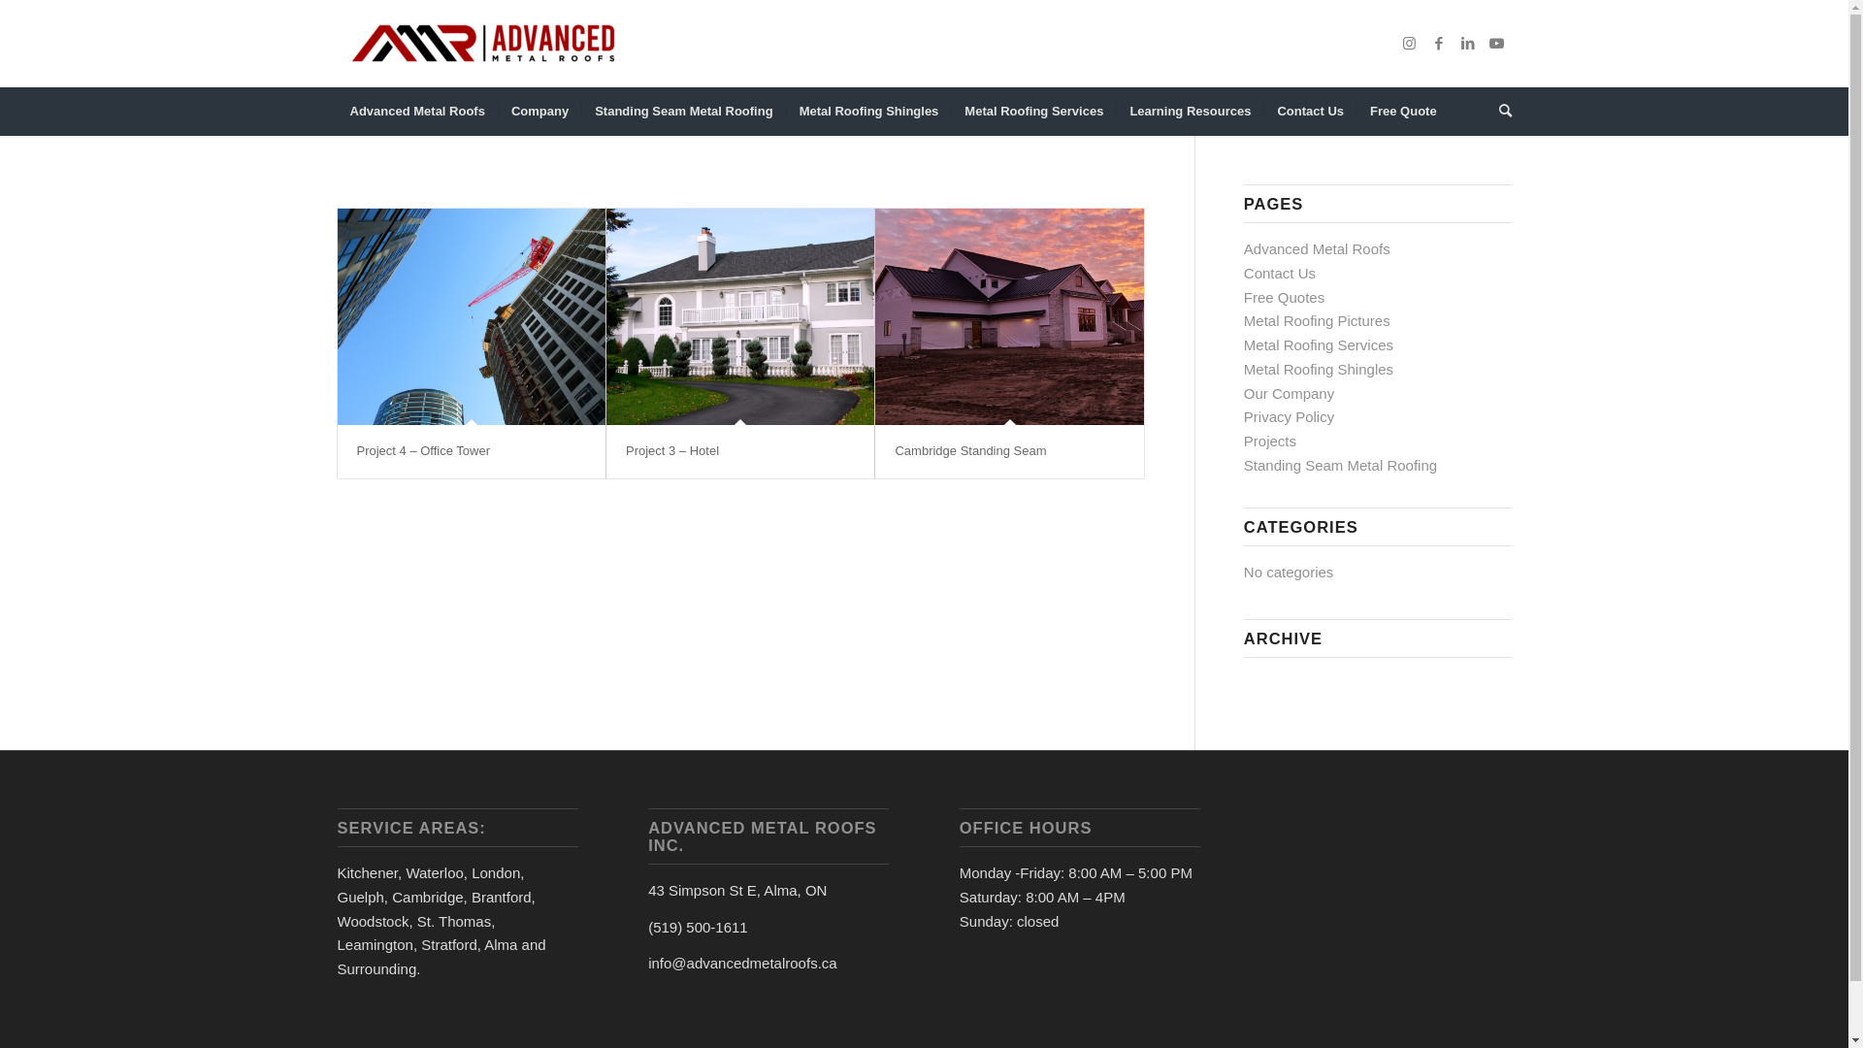 The height and width of the screenshot is (1048, 1863). I want to click on 'Company', so click(539, 112).